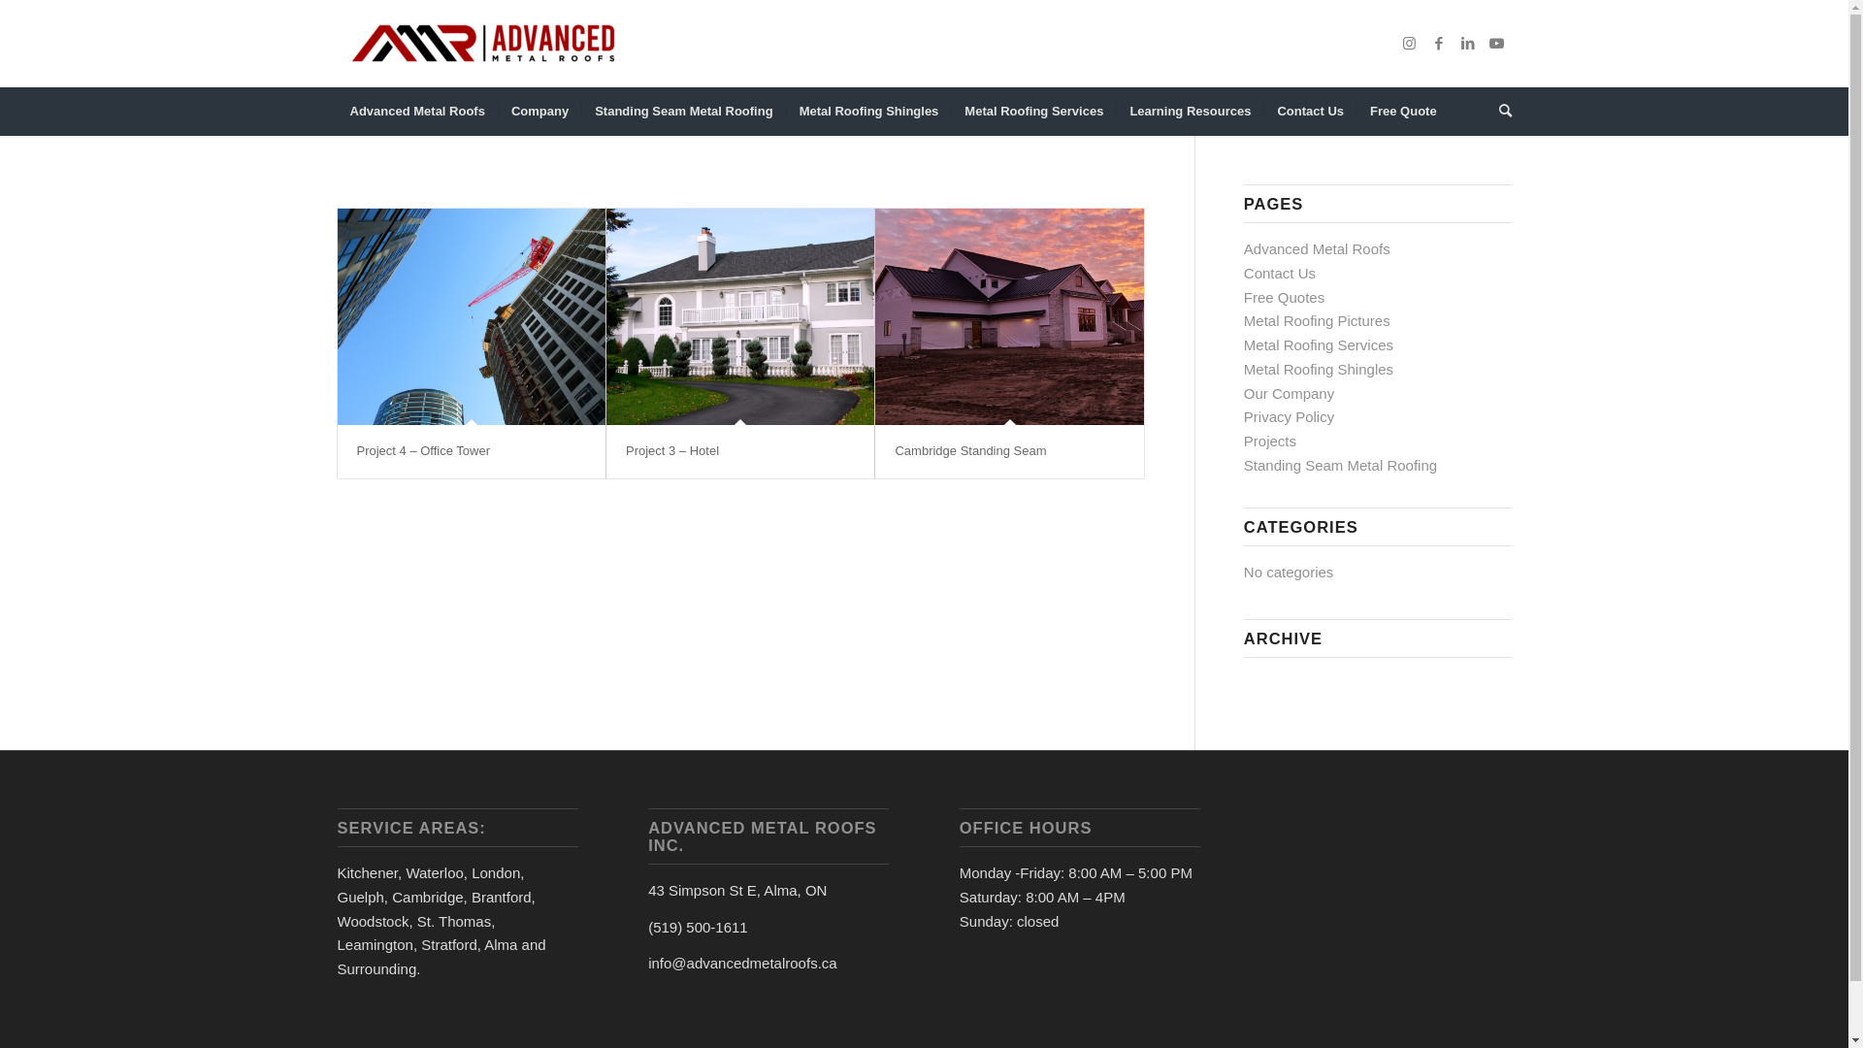 The height and width of the screenshot is (1048, 1863). I want to click on 'Company', so click(539, 112).